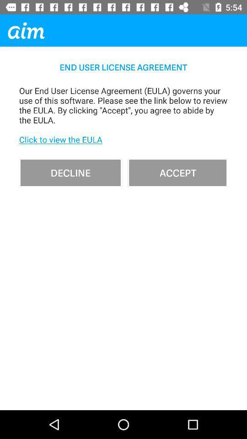 This screenshot has width=247, height=439. What do you see at coordinates (70, 172) in the screenshot?
I see `item below our end user item` at bounding box center [70, 172].